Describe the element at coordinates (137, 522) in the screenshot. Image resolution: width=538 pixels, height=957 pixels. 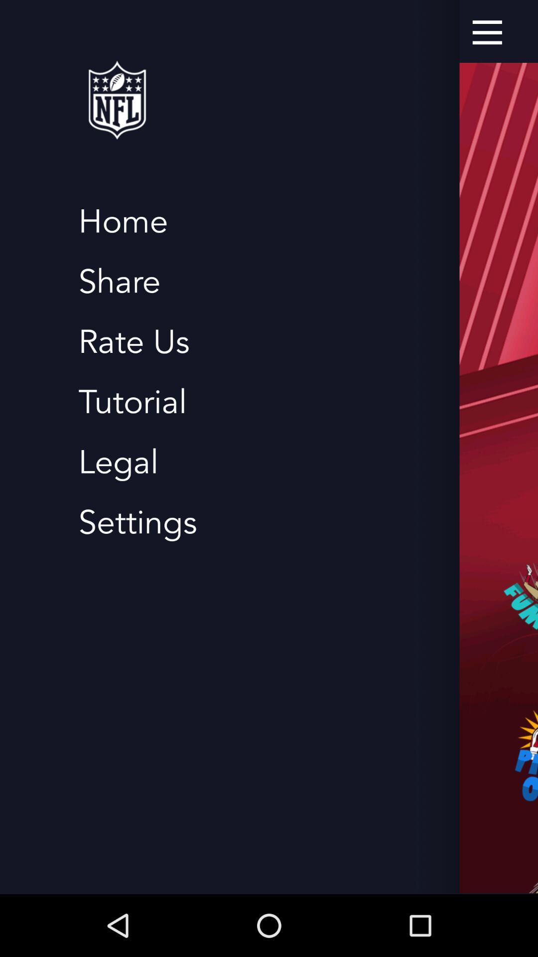
I see `settings icon` at that location.